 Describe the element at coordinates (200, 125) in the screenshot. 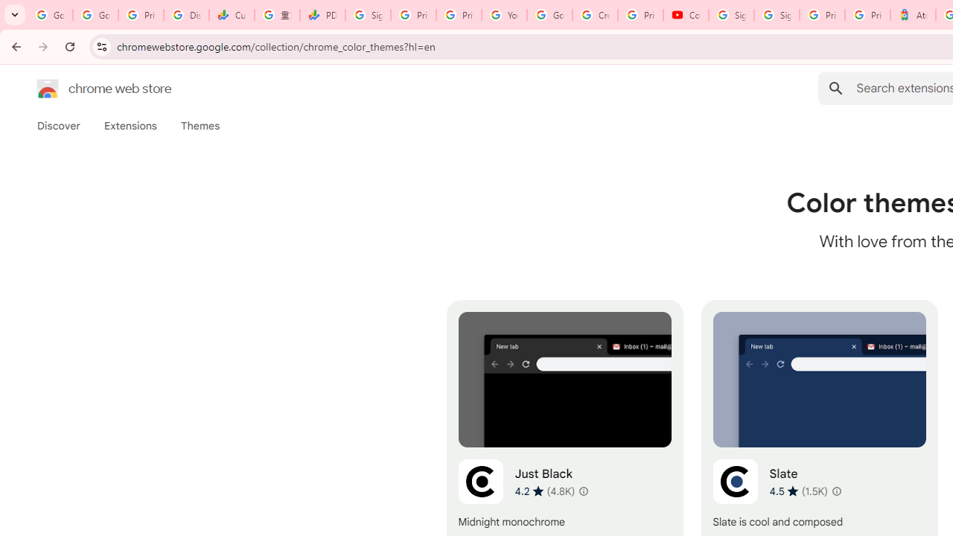

I see `'Themes'` at that location.